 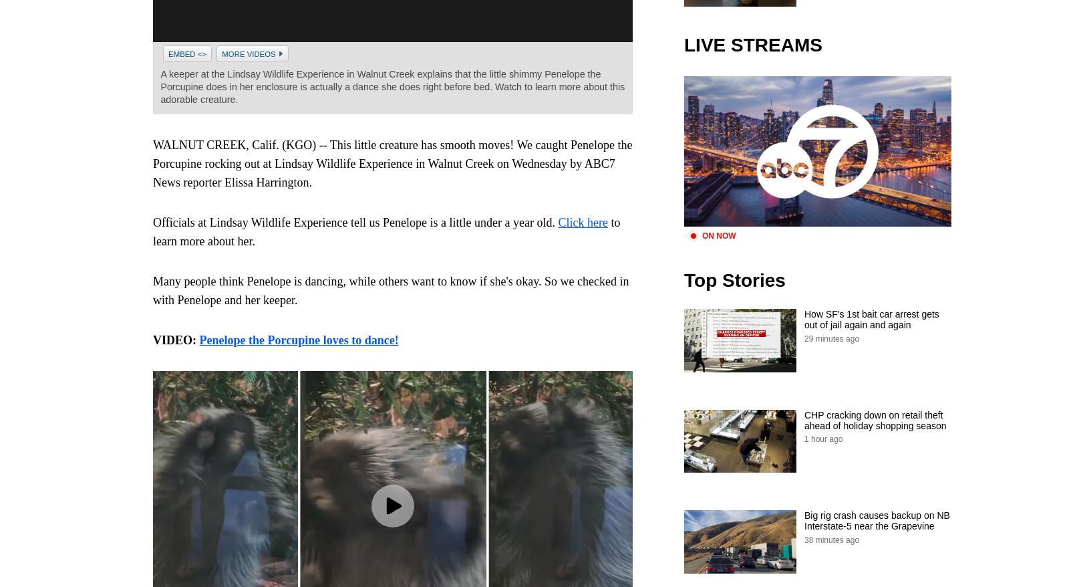 I want to click on '29 minutes ago', so click(x=830, y=338).